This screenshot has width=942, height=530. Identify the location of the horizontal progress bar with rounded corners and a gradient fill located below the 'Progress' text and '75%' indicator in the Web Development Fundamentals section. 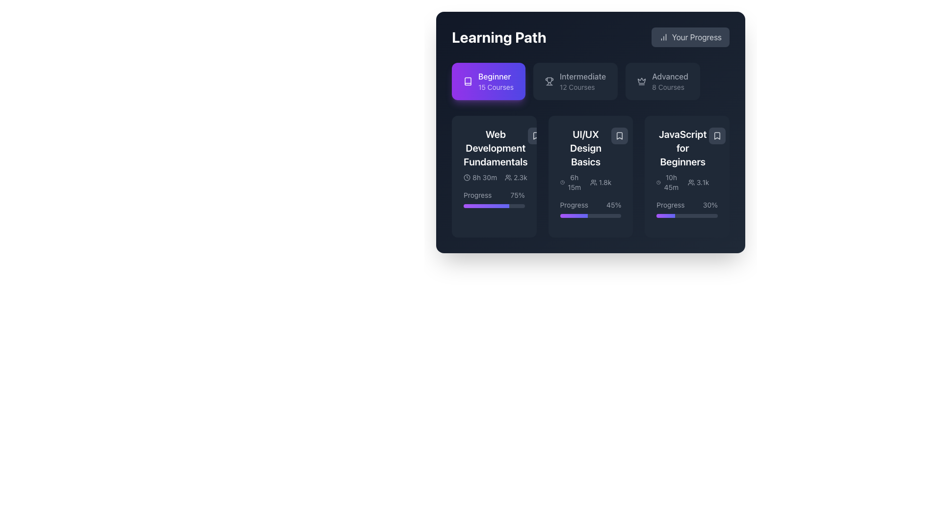
(494, 206).